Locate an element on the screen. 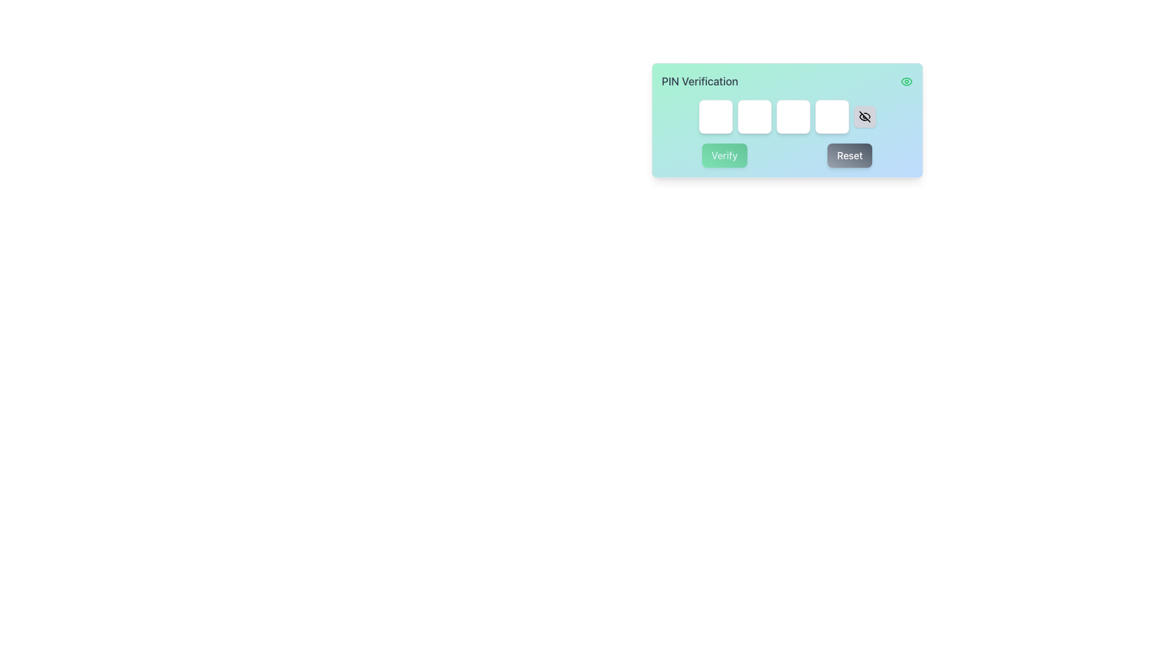 The image size is (1163, 654). the eye-shaped SVG icon used for toggling visibility on the right side of the PIN verification interface is located at coordinates (906, 82).